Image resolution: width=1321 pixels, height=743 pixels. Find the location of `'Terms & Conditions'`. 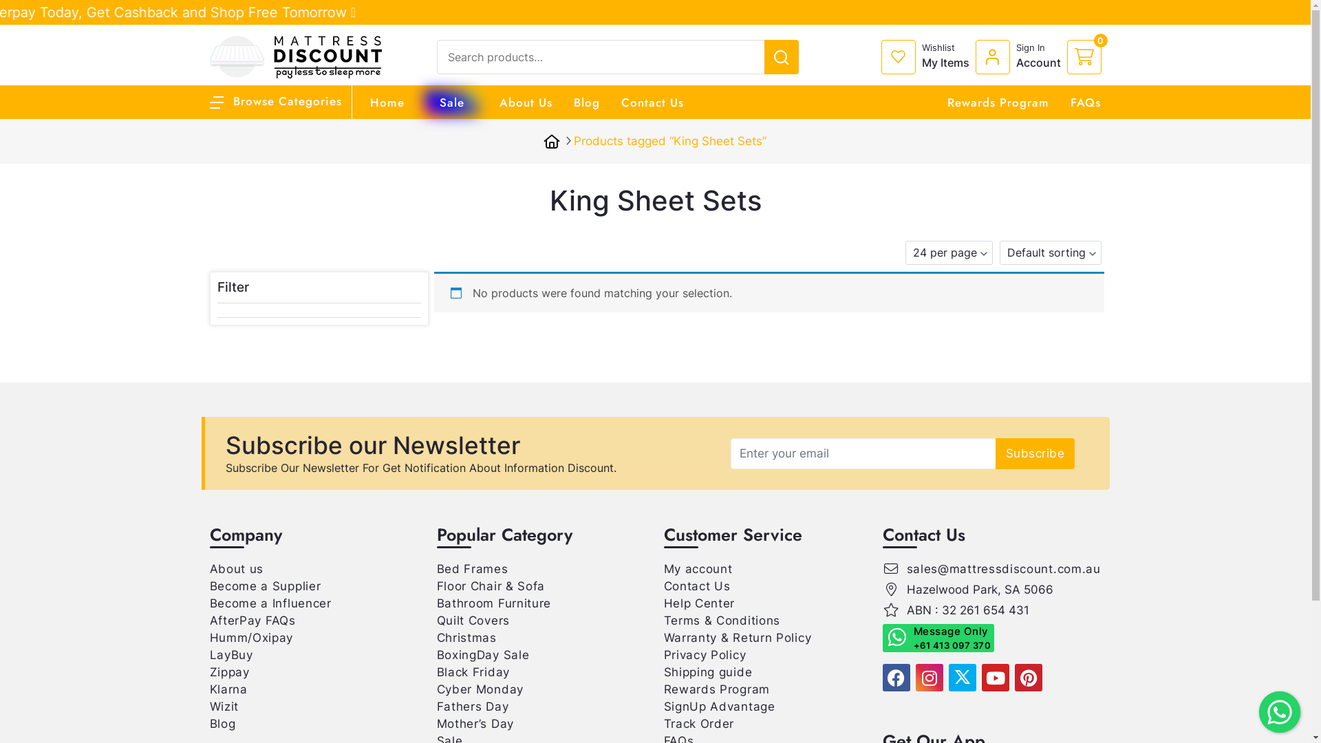

'Terms & Conditions' is located at coordinates (721, 621).